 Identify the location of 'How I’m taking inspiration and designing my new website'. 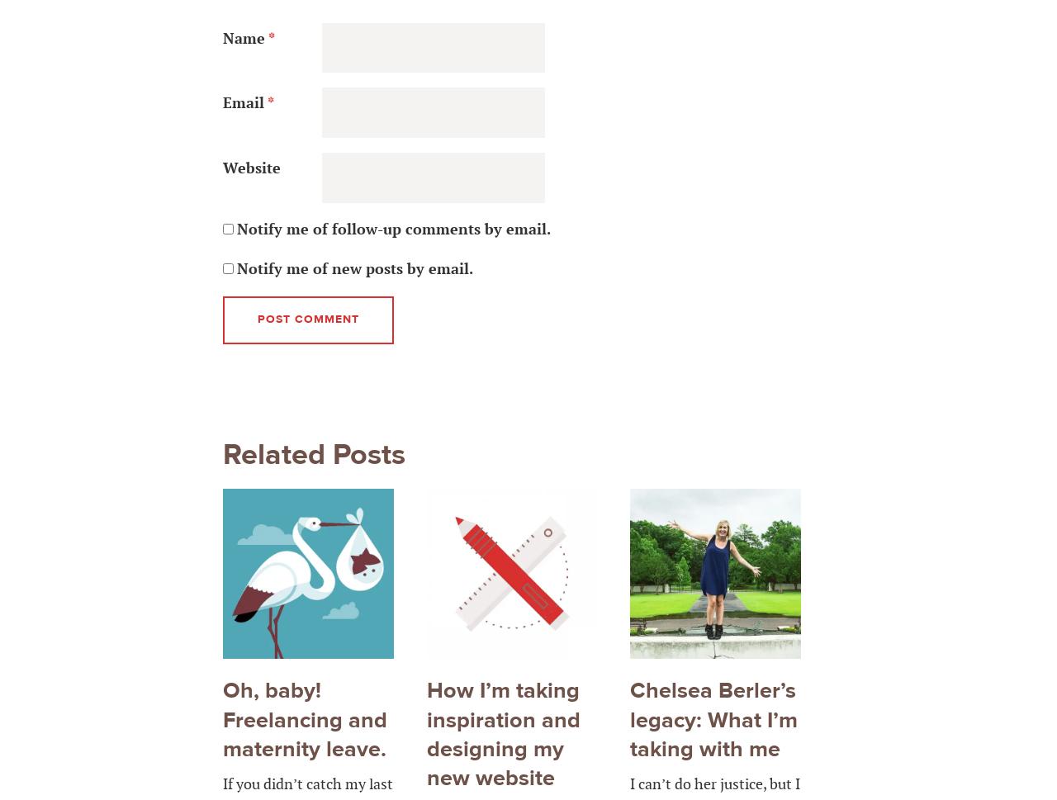
(502, 734).